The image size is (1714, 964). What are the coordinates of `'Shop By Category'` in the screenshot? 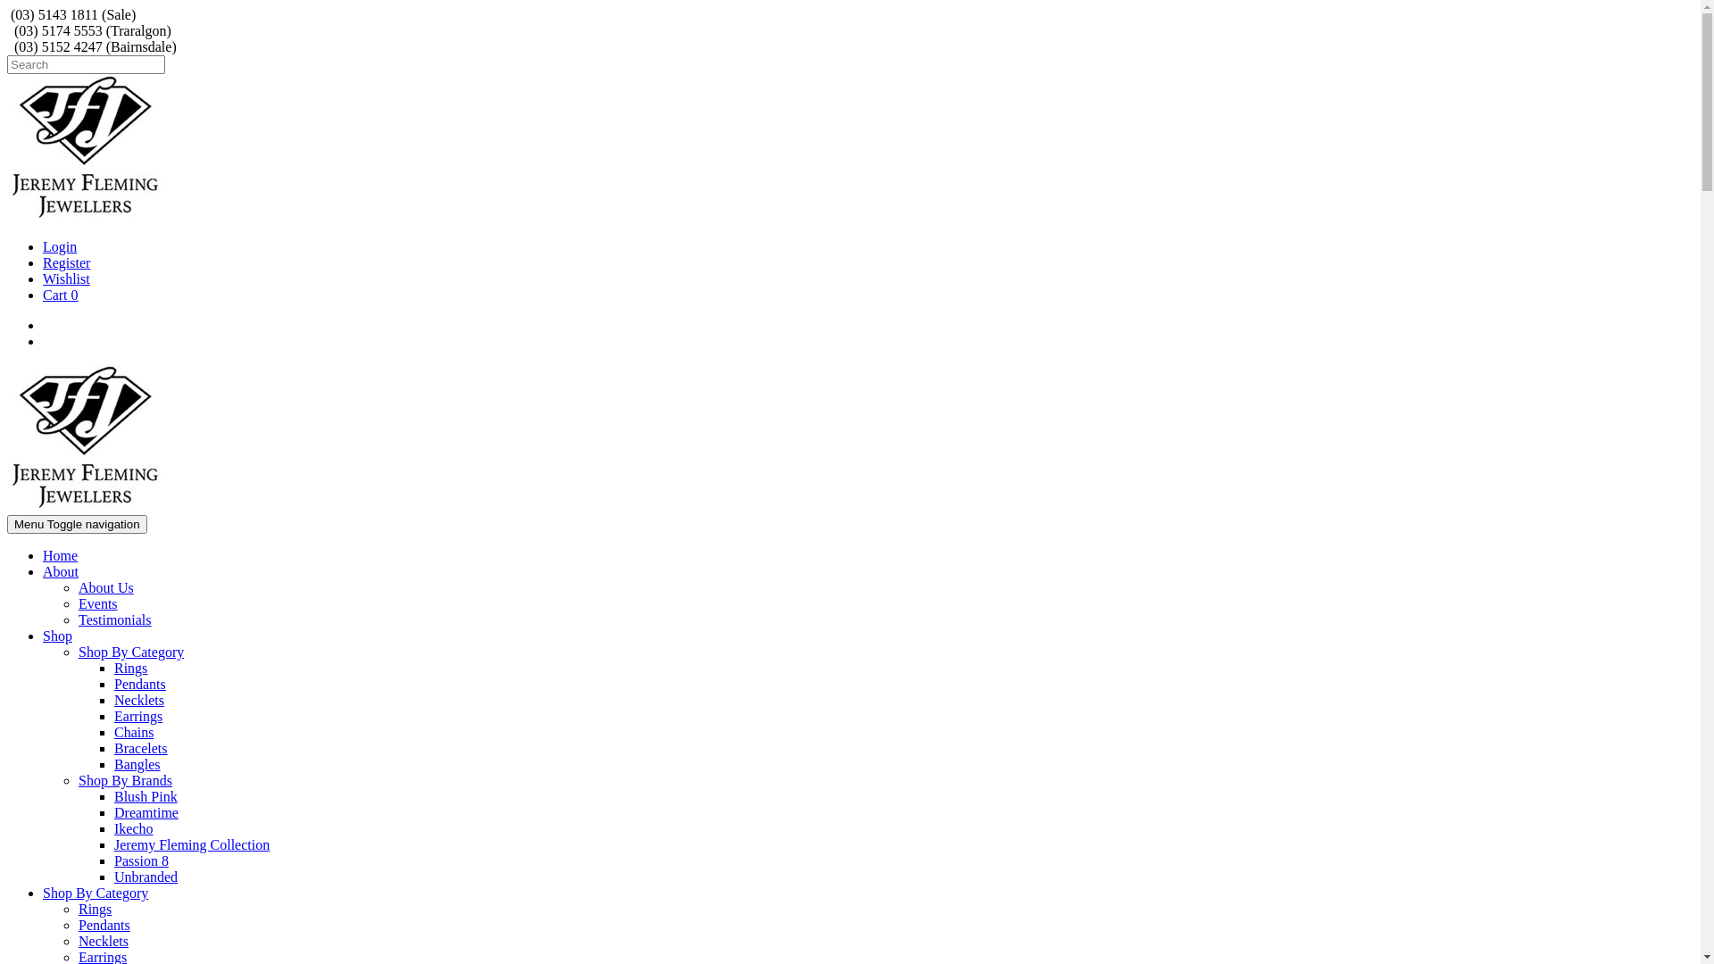 It's located at (130, 652).